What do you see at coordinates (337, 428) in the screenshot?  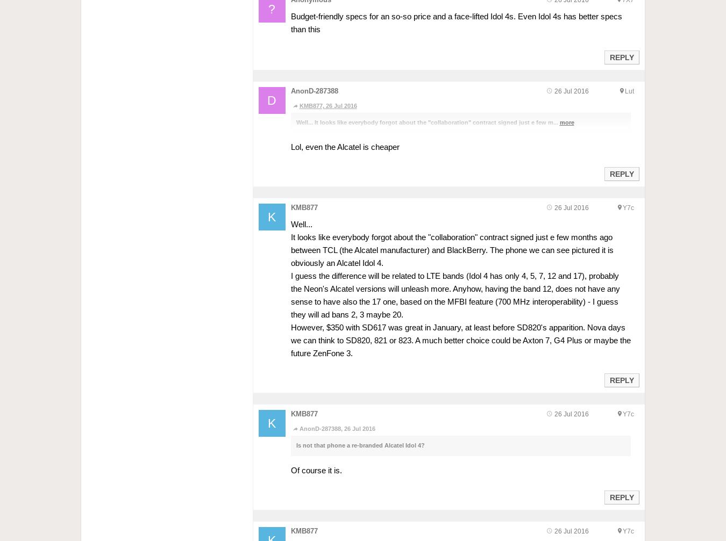 I see `'AnonD-287388, 26 Jul 2016'` at bounding box center [337, 428].